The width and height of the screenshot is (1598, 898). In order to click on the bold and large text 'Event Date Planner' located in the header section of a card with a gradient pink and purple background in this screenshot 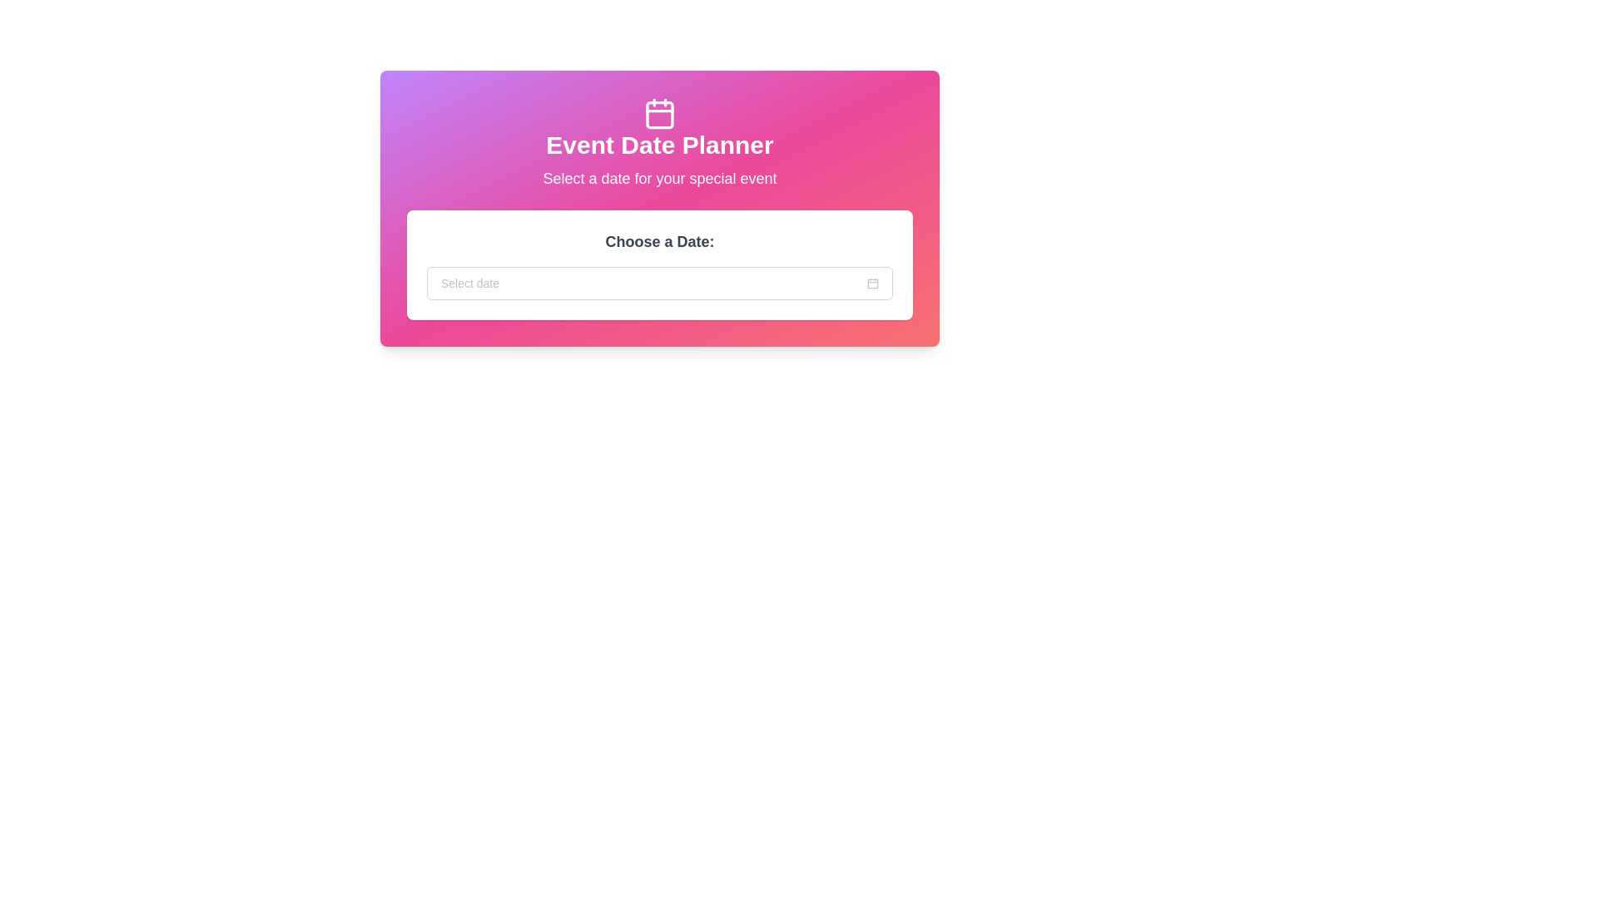, I will do `click(658, 144)`.